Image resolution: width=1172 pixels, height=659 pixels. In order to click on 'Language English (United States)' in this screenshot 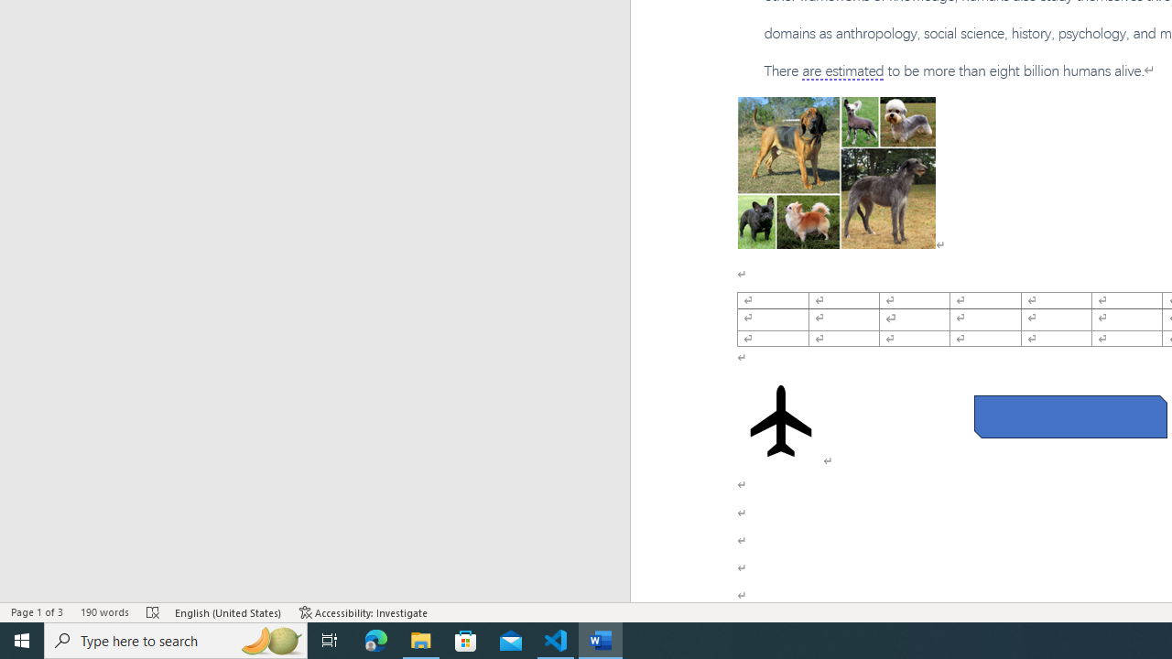, I will do `click(228, 612)`.